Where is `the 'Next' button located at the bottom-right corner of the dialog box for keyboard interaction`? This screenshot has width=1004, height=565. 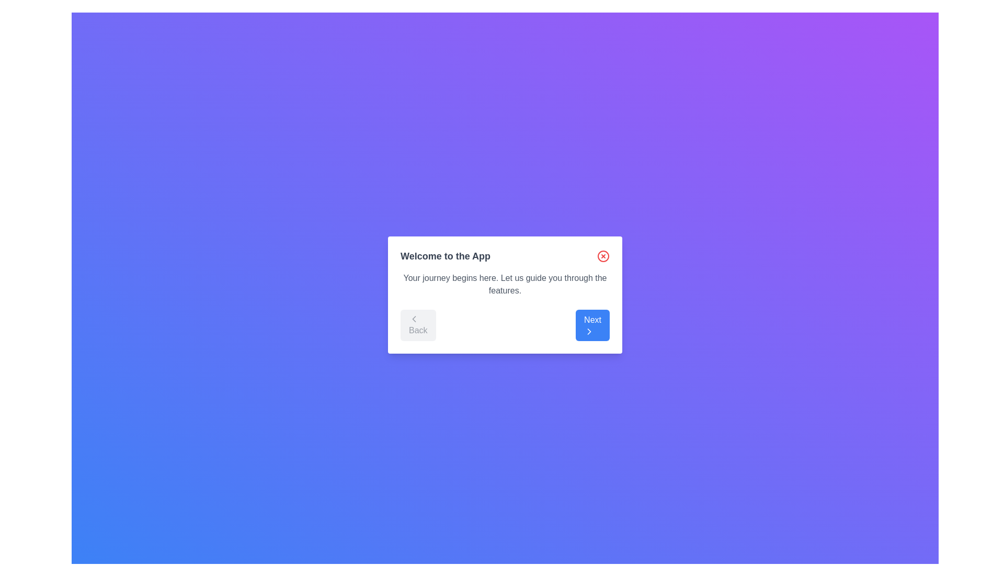
the 'Next' button located at the bottom-right corner of the dialog box for keyboard interaction is located at coordinates (592, 324).